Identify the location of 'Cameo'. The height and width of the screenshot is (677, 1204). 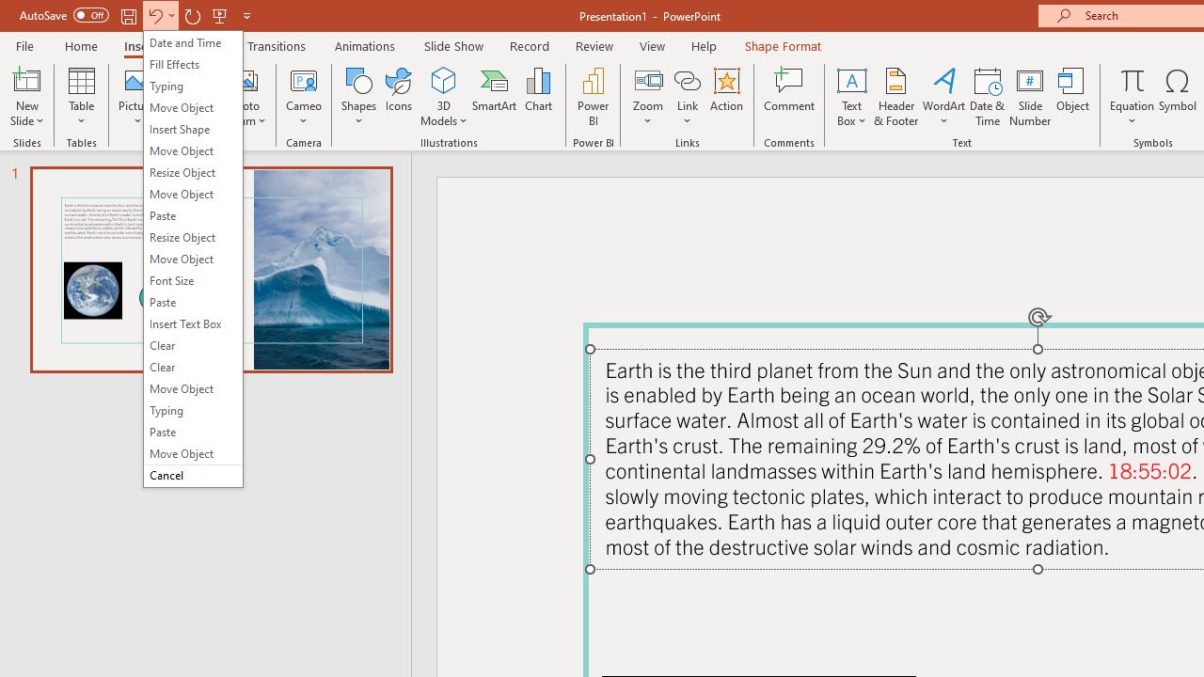
(304, 79).